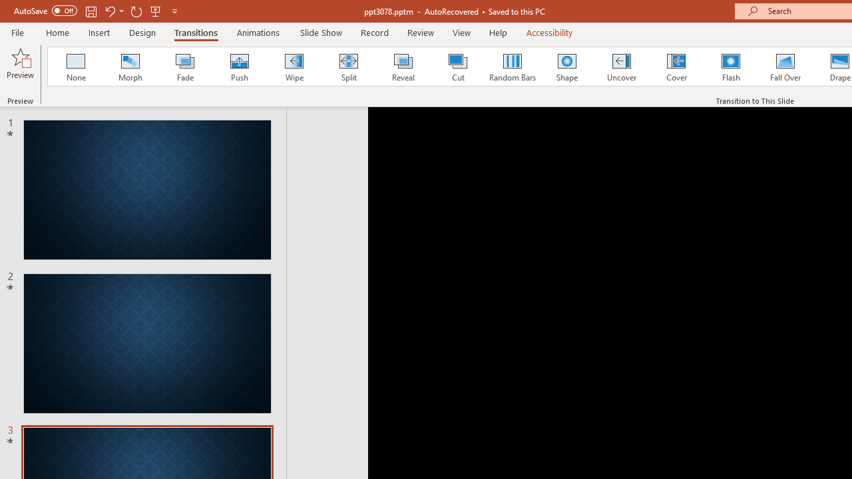 Image resolution: width=852 pixels, height=479 pixels. I want to click on 'Flash', so click(730, 67).